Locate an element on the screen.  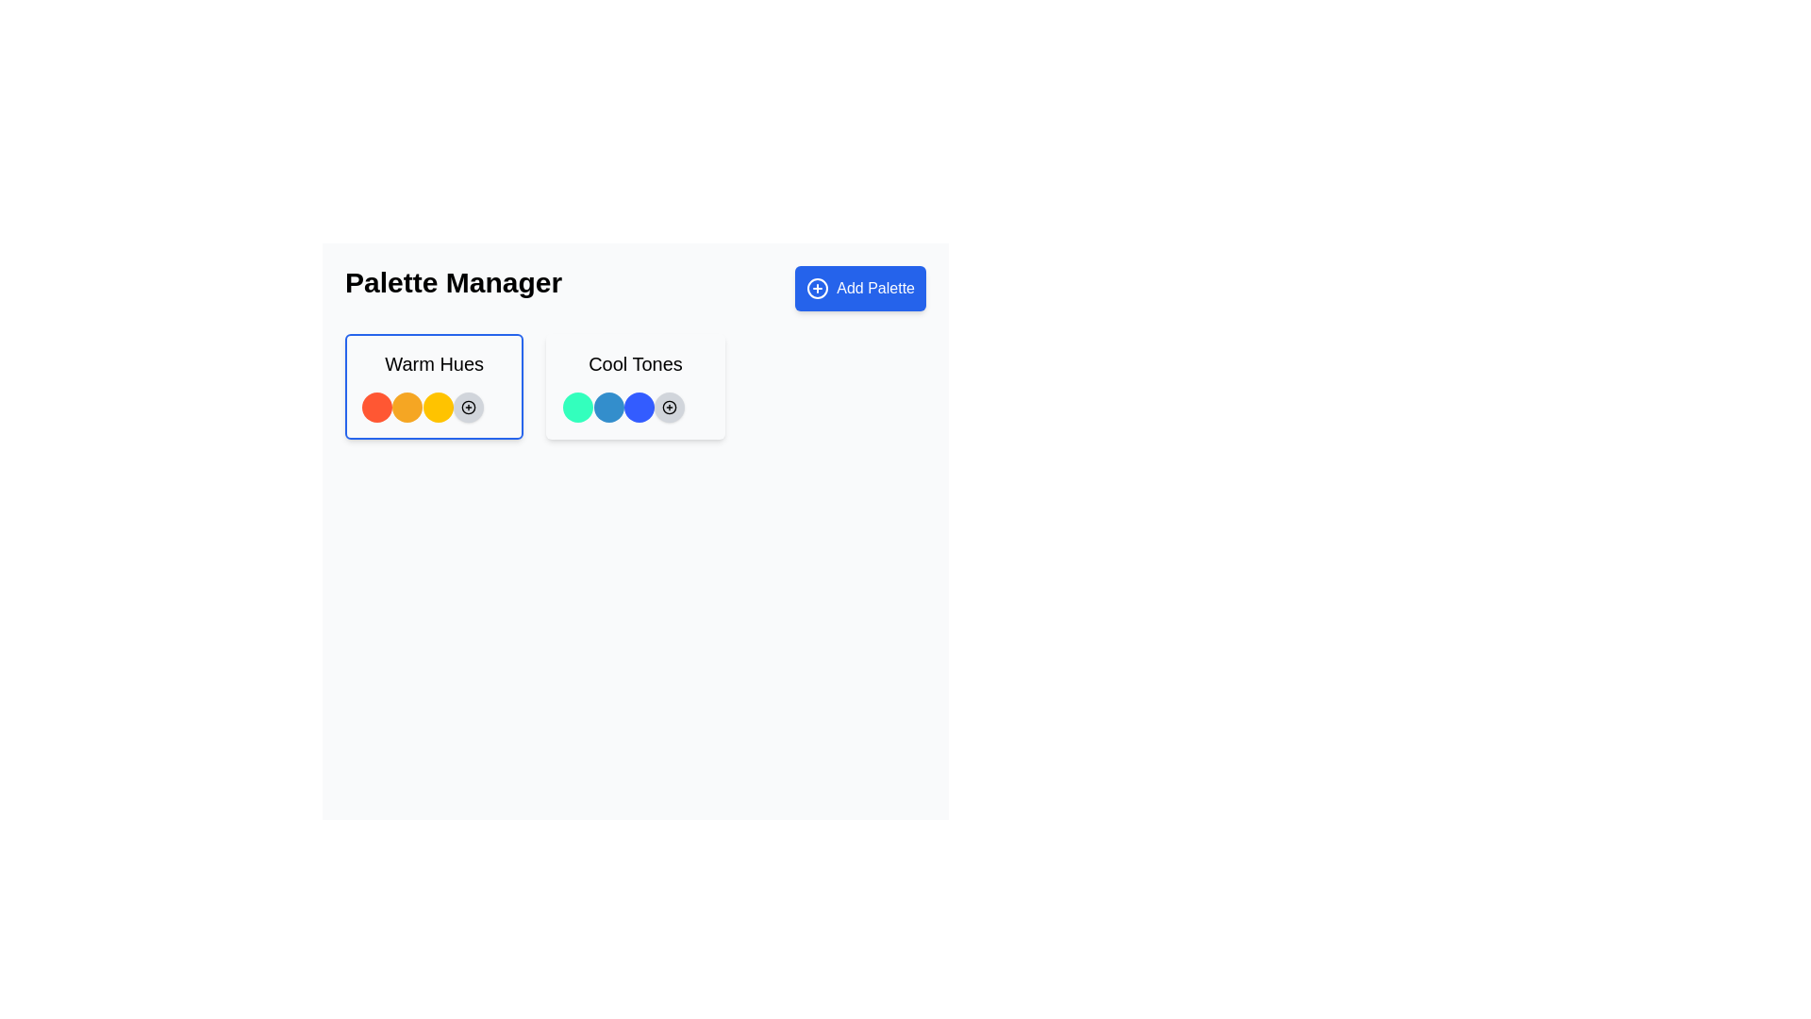
the Grid containing interactive and non-interactive icons for managing 'Warm Hues' swatches is located at coordinates (433, 407).